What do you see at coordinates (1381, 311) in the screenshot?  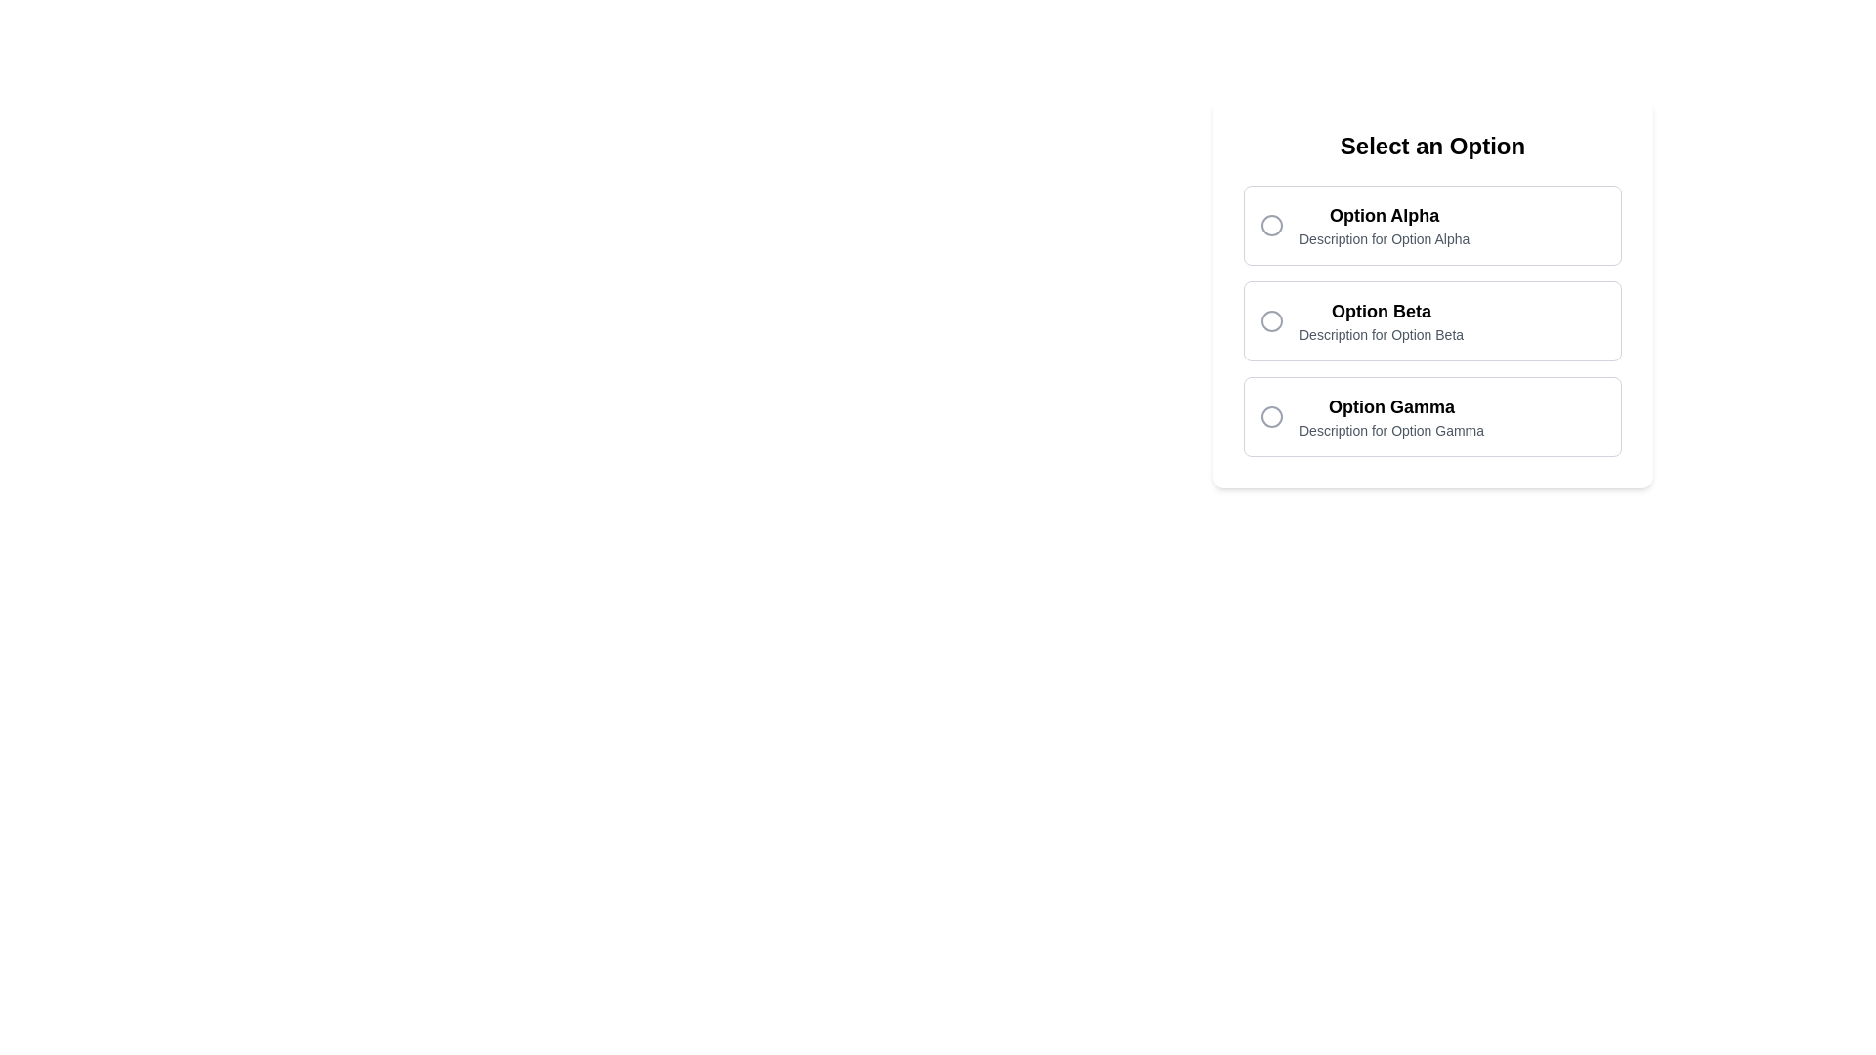 I see `the 'Beta' text label, which serves as the header for the second selectable option in the list under the 'Select an Option' section` at bounding box center [1381, 311].